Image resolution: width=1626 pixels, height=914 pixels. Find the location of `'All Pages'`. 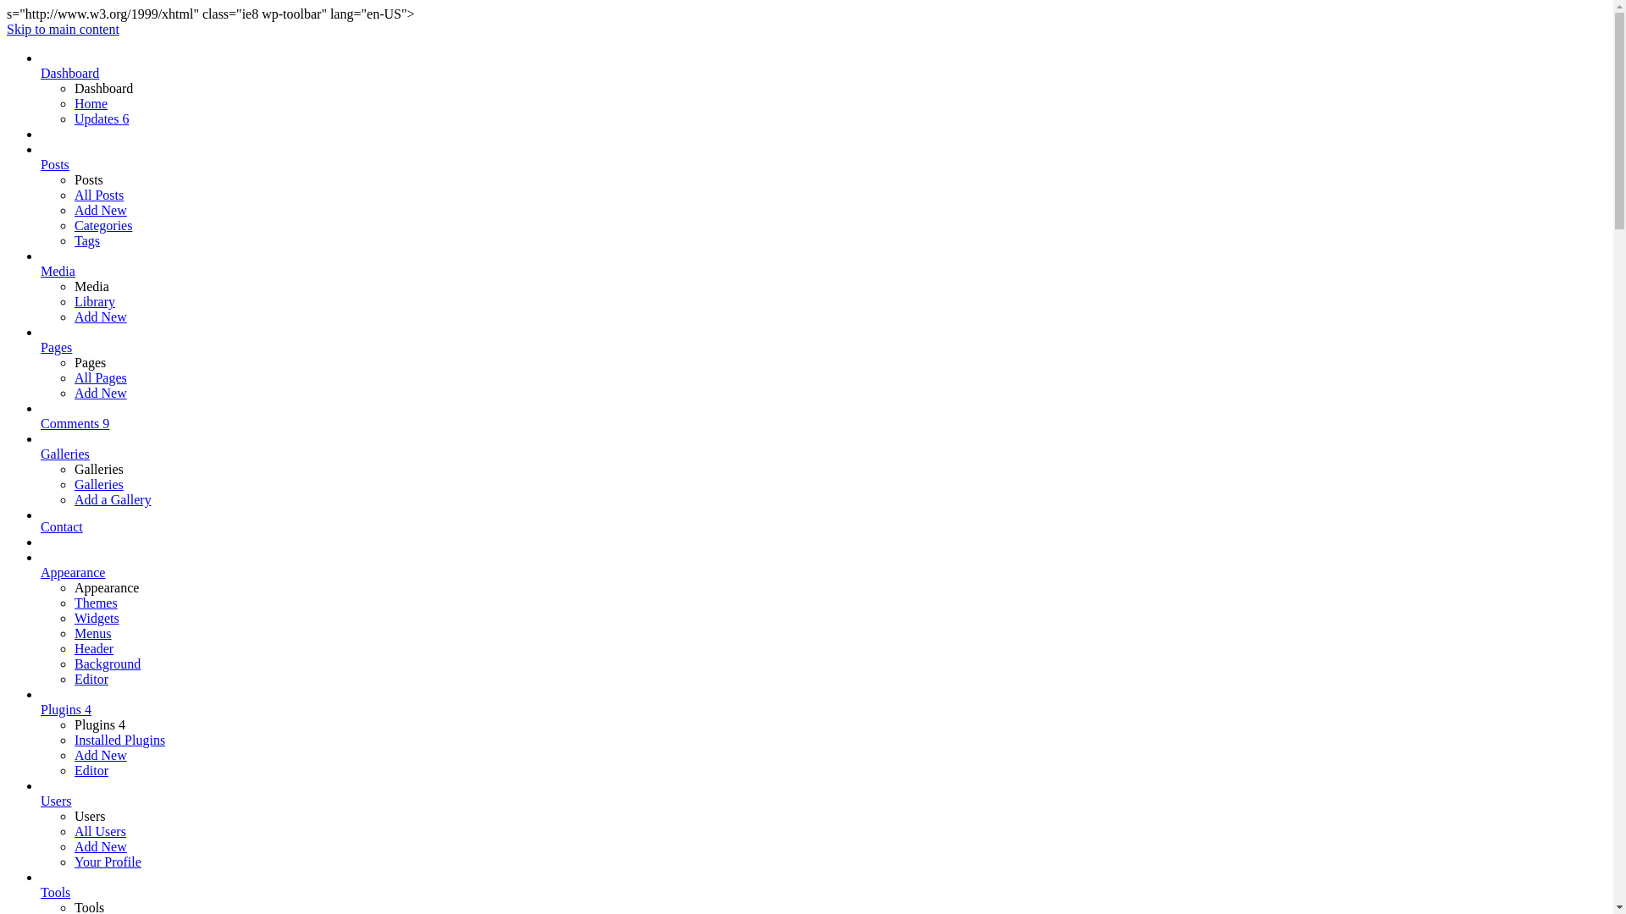

'All Pages' is located at coordinates (73, 377).